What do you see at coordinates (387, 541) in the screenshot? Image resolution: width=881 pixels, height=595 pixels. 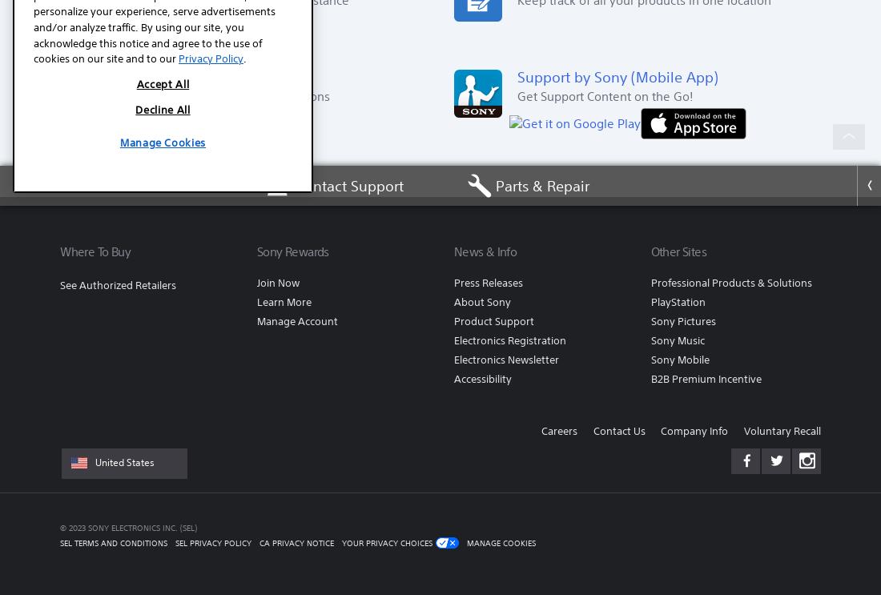 I see `'Your Privacy Choices'` at bounding box center [387, 541].